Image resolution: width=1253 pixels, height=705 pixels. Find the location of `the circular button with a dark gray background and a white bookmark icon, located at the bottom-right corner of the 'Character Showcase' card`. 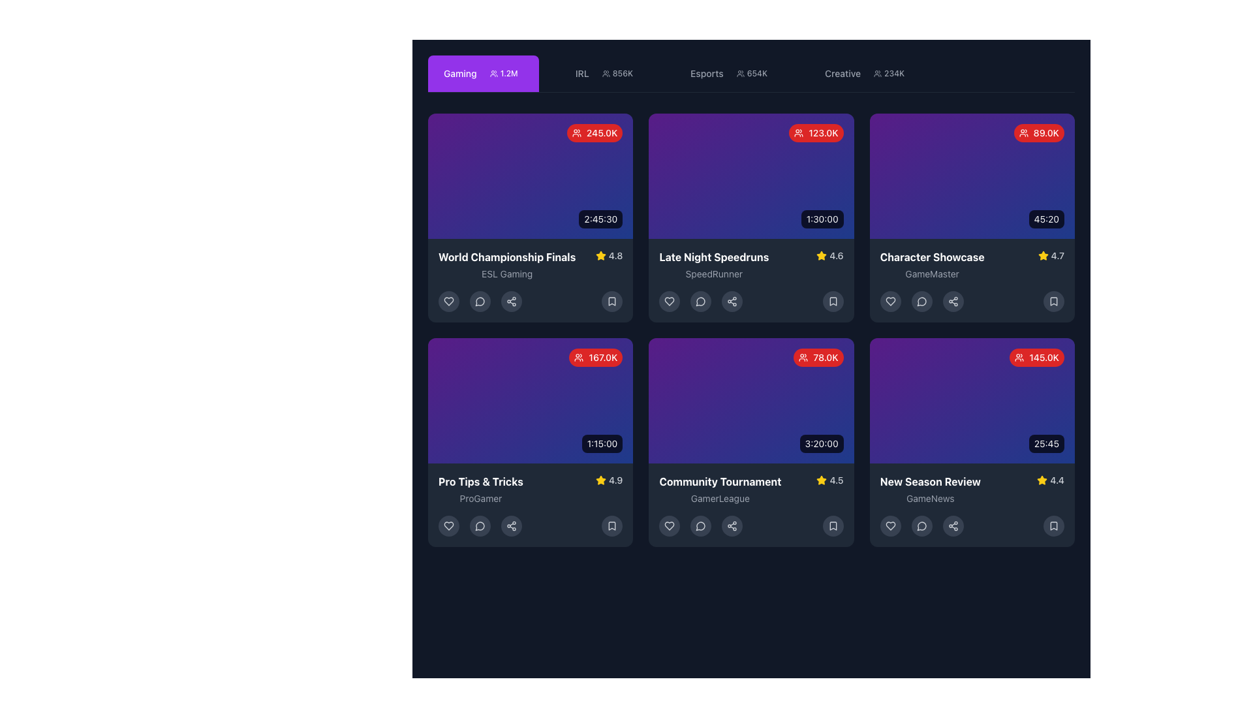

the circular button with a dark gray background and a white bookmark icon, located at the bottom-right corner of the 'Character Showcase' card is located at coordinates (1053, 302).